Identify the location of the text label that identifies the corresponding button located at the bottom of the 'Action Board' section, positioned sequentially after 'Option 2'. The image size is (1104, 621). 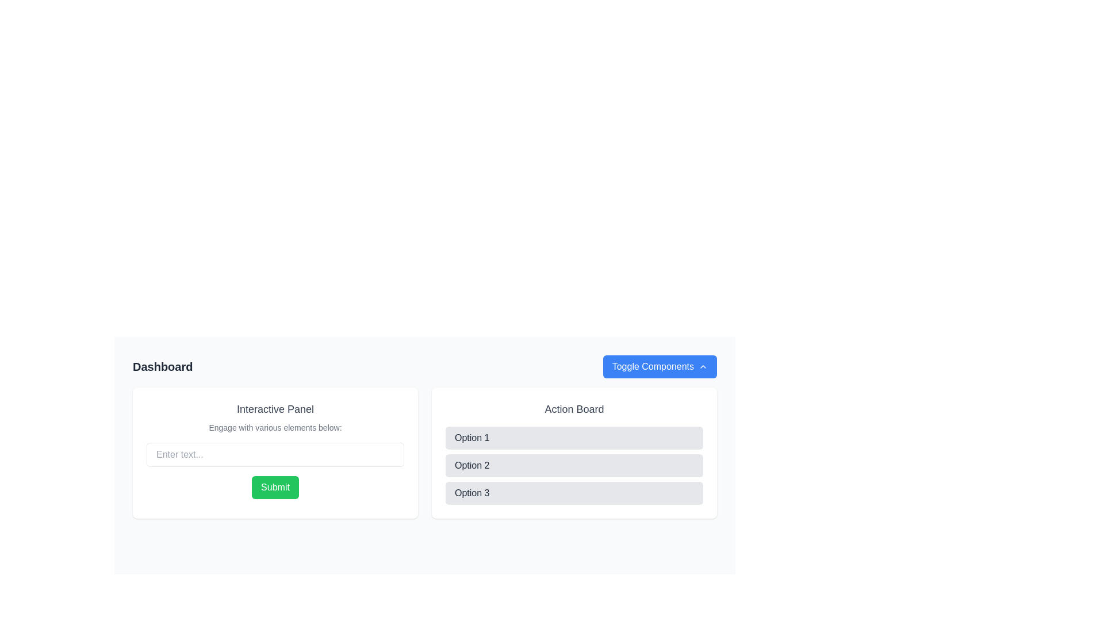
(472, 492).